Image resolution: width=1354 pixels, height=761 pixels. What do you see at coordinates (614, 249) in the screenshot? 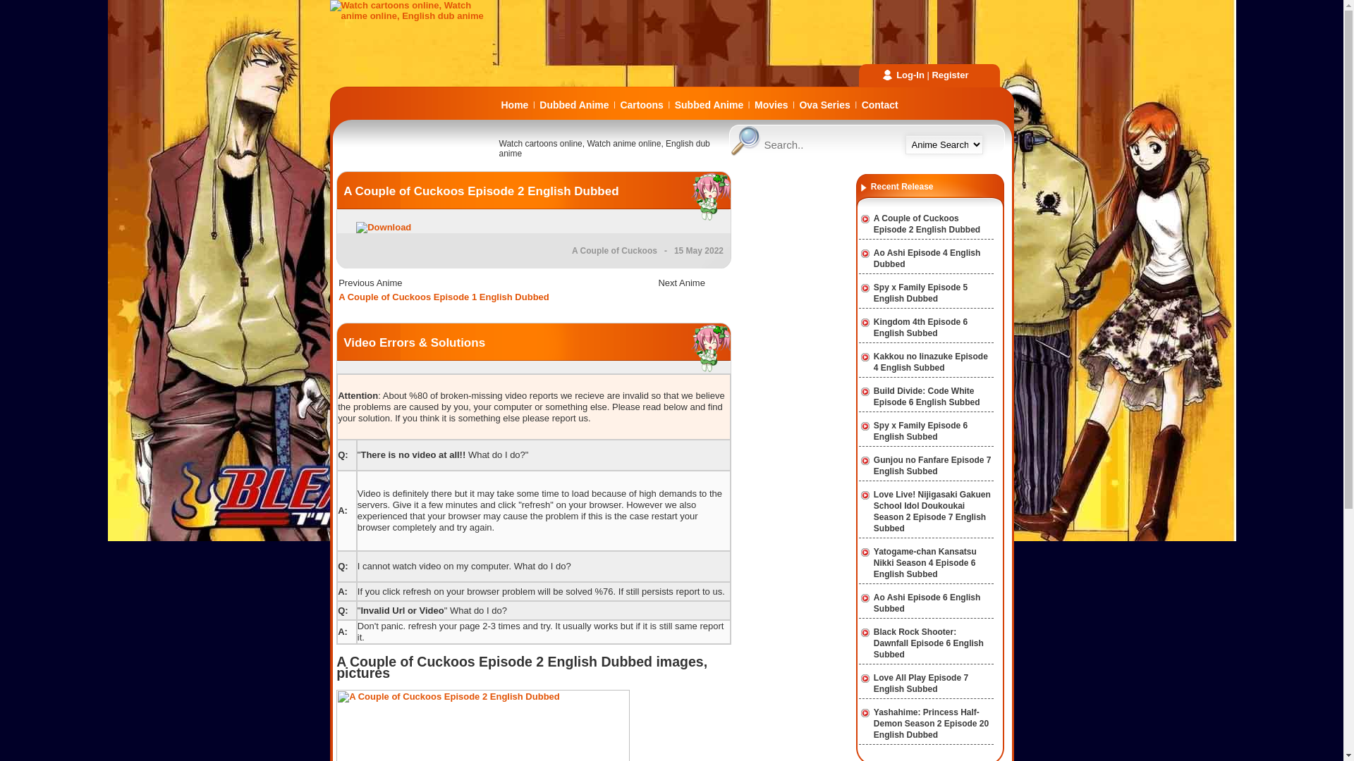
I see `'A Couple of Cuckoos'` at bounding box center [614, 249].